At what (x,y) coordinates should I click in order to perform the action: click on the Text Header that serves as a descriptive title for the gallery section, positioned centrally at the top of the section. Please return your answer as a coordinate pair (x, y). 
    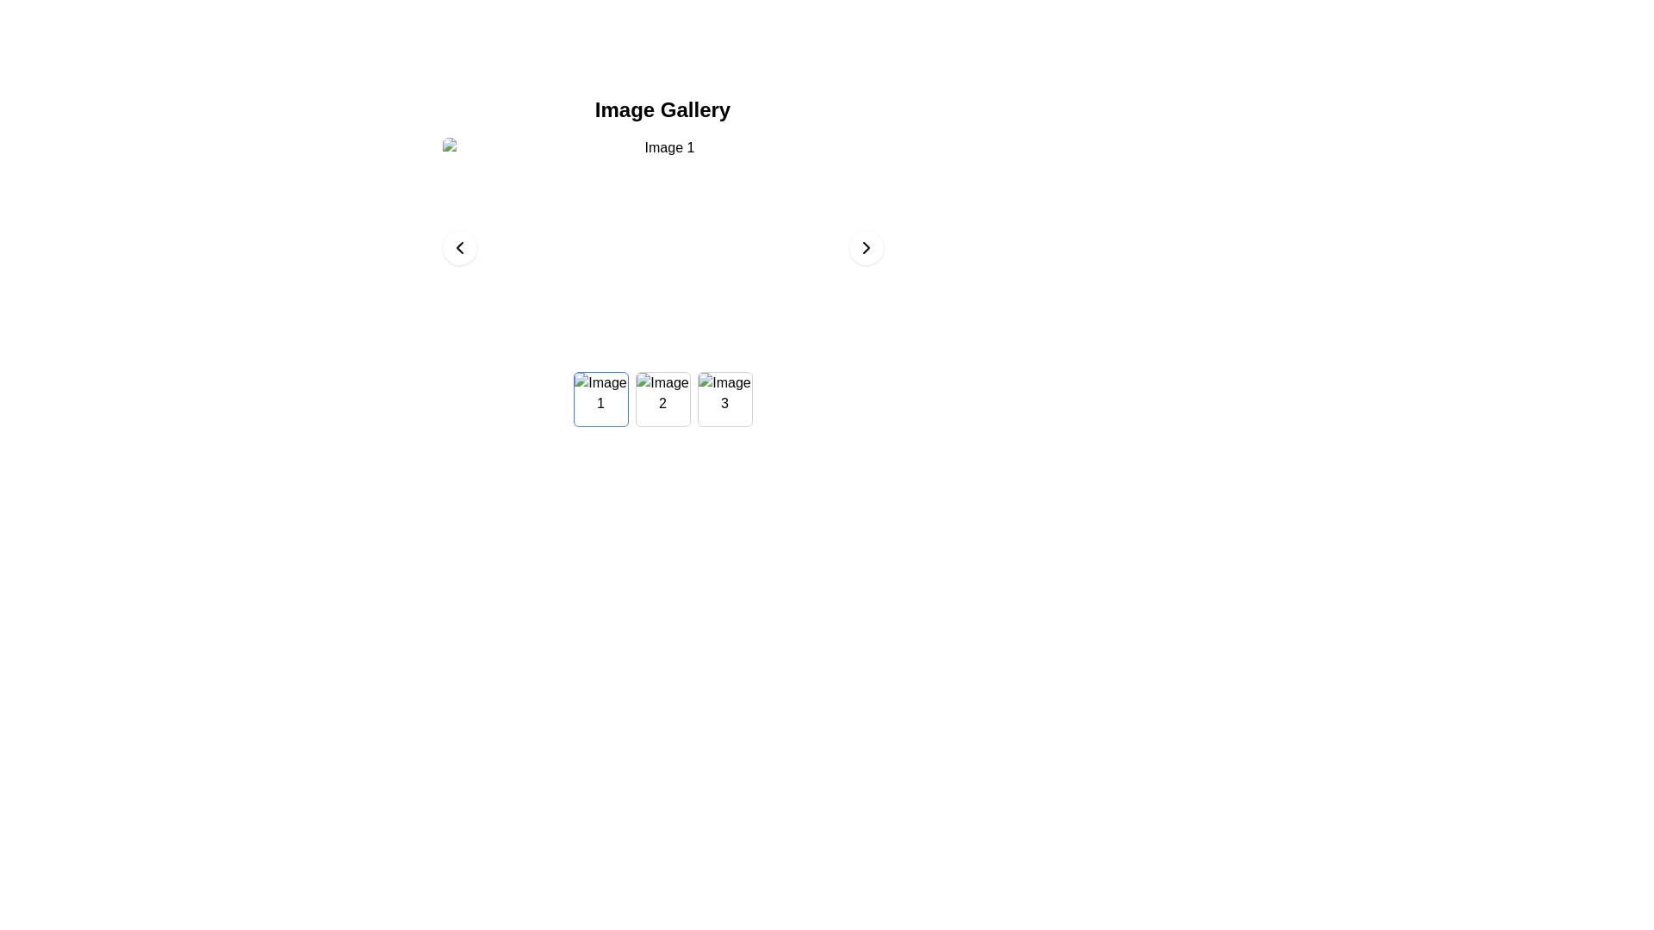
    Looking at the image, I should click on (662, 109).